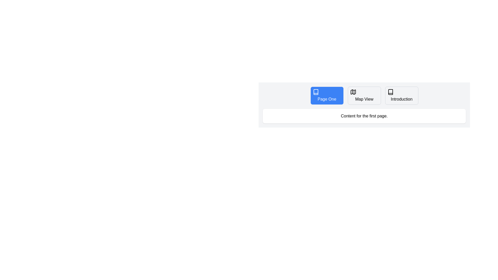 Image resolution: width=498 pixels, height=280 pixels. What do you see at coordinates (364, 99) in the screenshot?
I see `the descriptive text label within the navigation button` at bounding box center [364, 99].